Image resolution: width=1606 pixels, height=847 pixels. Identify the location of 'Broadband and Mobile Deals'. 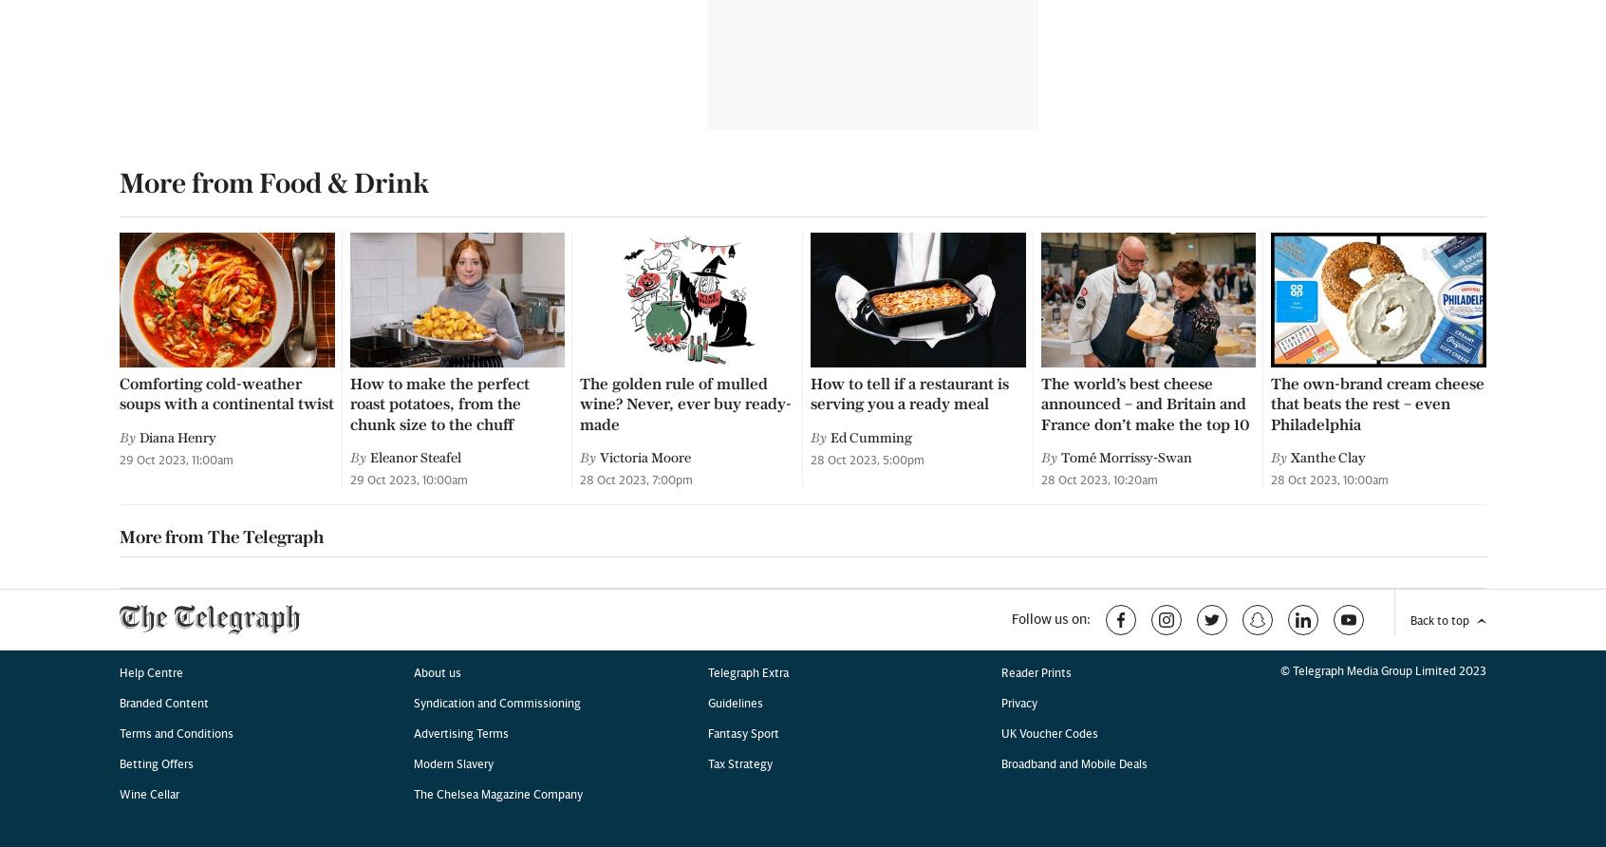
(1073, 137).